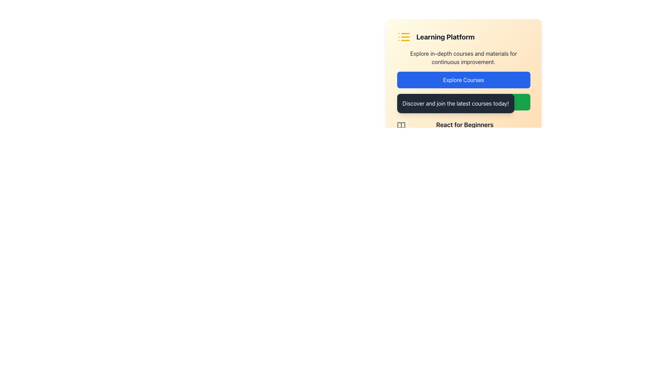 The width and height of the screenshot is (666, 374). I want to click on the static text component providing promotional information about courses, located below the 'Explore Courses' button, so click(455, 104).